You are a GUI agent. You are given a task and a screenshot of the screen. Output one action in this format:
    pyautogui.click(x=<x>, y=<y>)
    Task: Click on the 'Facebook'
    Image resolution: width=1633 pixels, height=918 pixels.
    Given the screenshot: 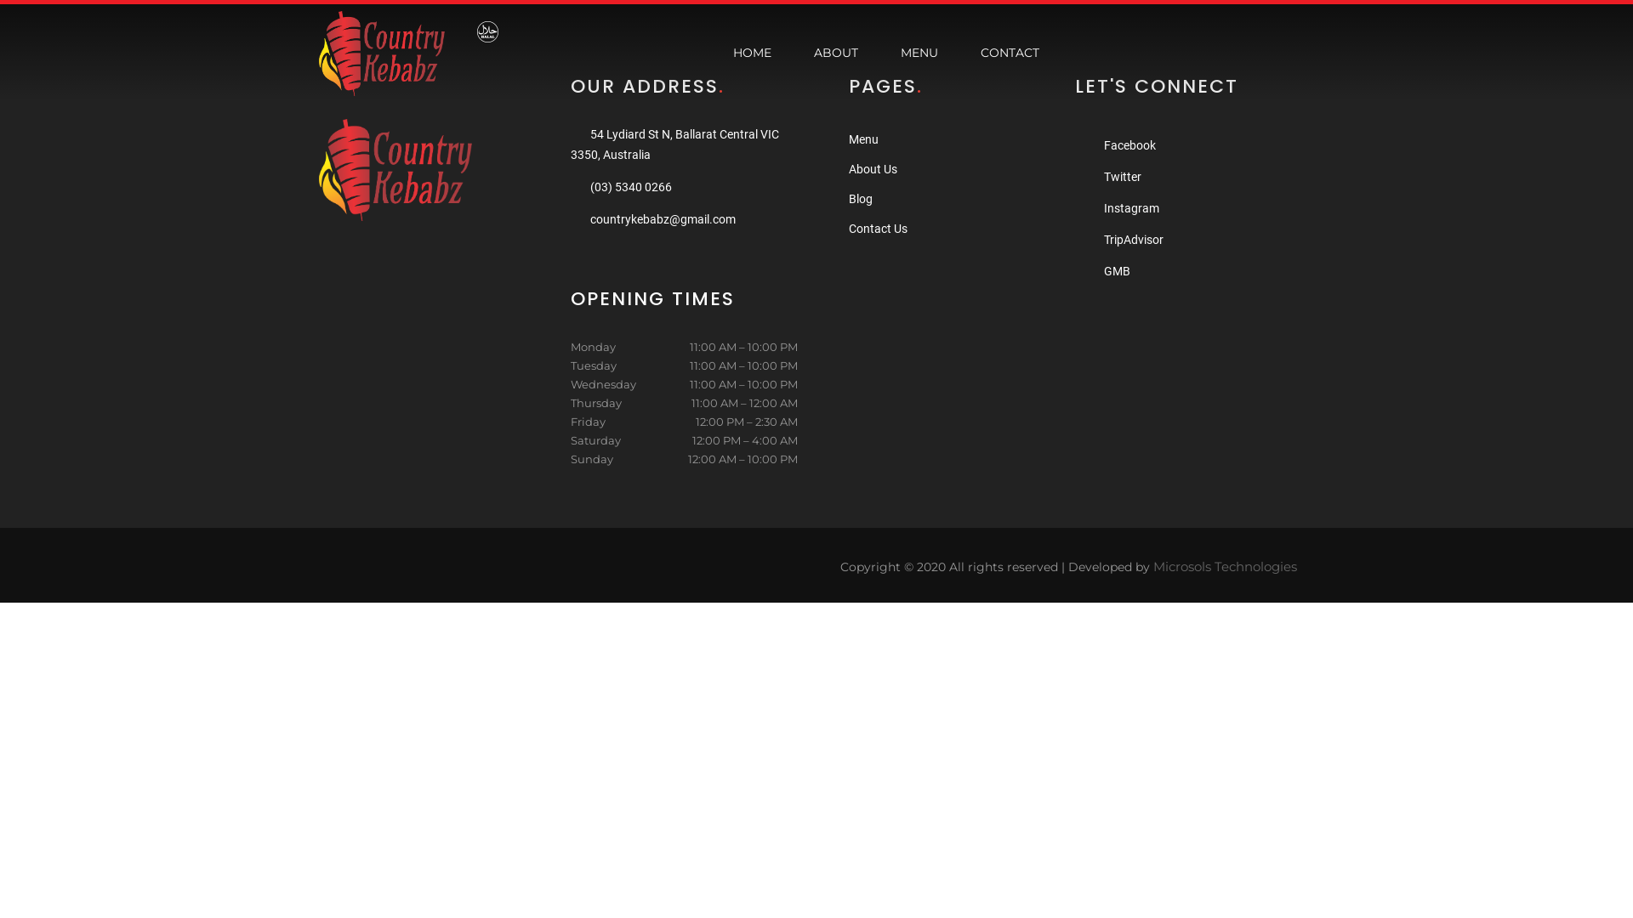 What is the action you would take?
    pyautogui.click(x=1129, y=144)
    